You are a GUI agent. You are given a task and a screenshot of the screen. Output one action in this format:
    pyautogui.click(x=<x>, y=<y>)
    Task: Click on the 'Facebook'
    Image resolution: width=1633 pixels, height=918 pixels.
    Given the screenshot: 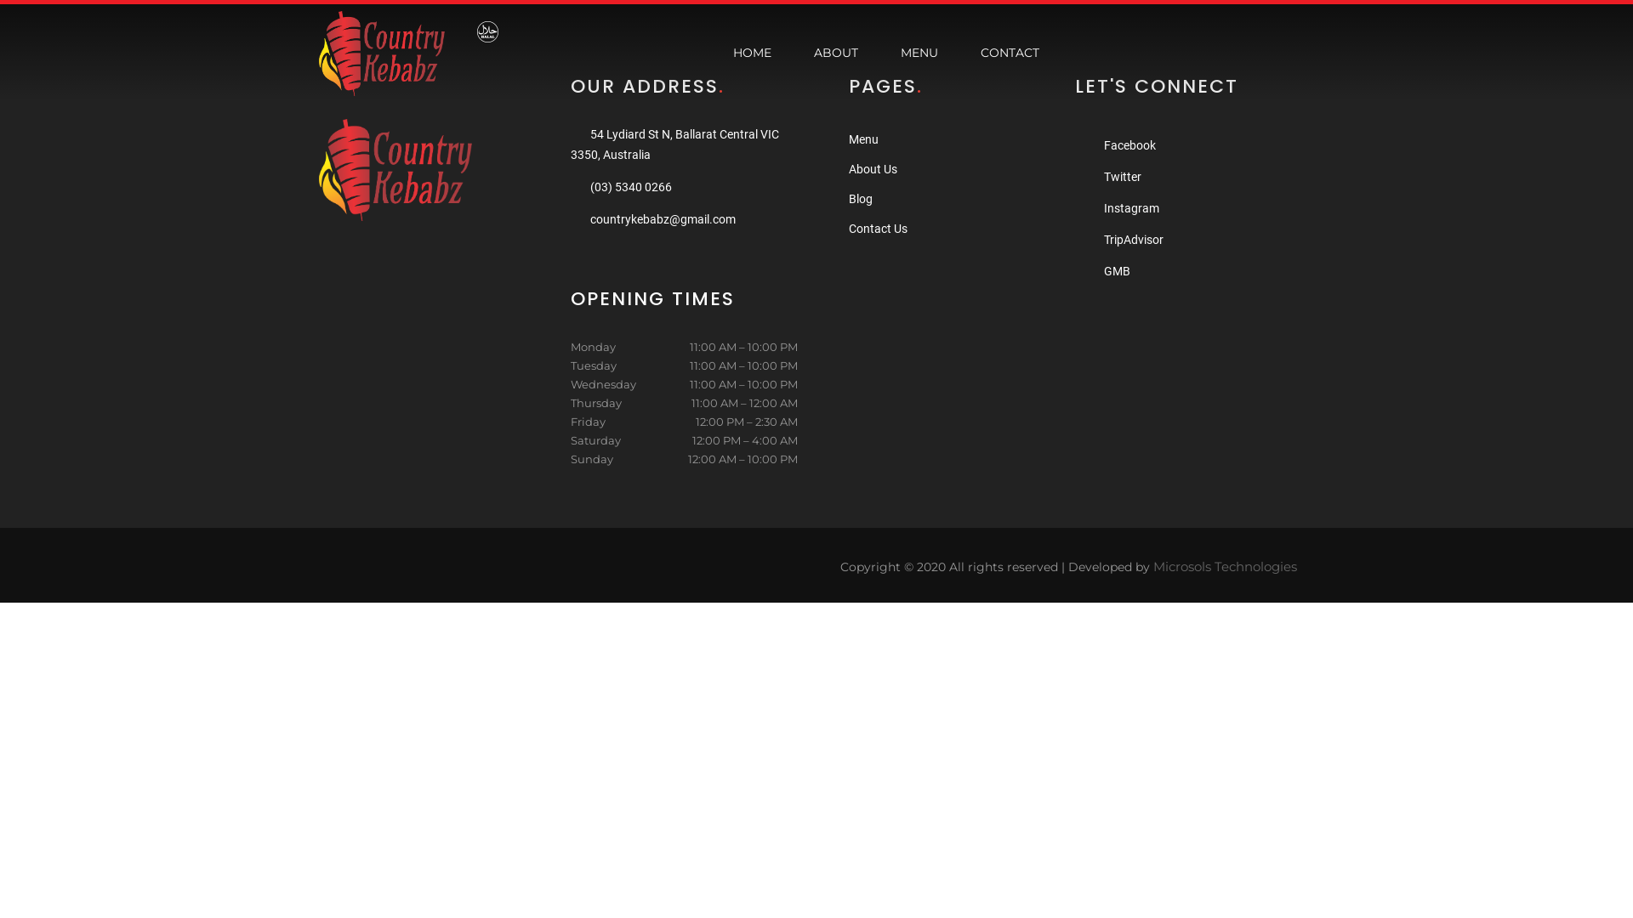 What is the action you would take?
    pyautogui.click(x=1129, y=144)
    